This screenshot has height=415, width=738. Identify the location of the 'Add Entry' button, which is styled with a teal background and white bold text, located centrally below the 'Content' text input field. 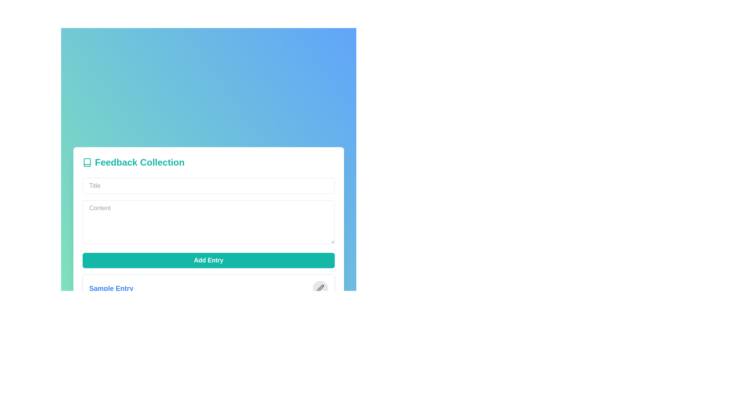
(208, 260).